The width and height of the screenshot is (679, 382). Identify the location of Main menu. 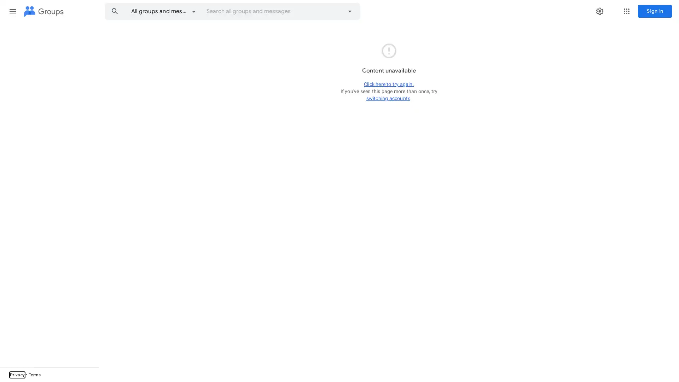
(12, 11).